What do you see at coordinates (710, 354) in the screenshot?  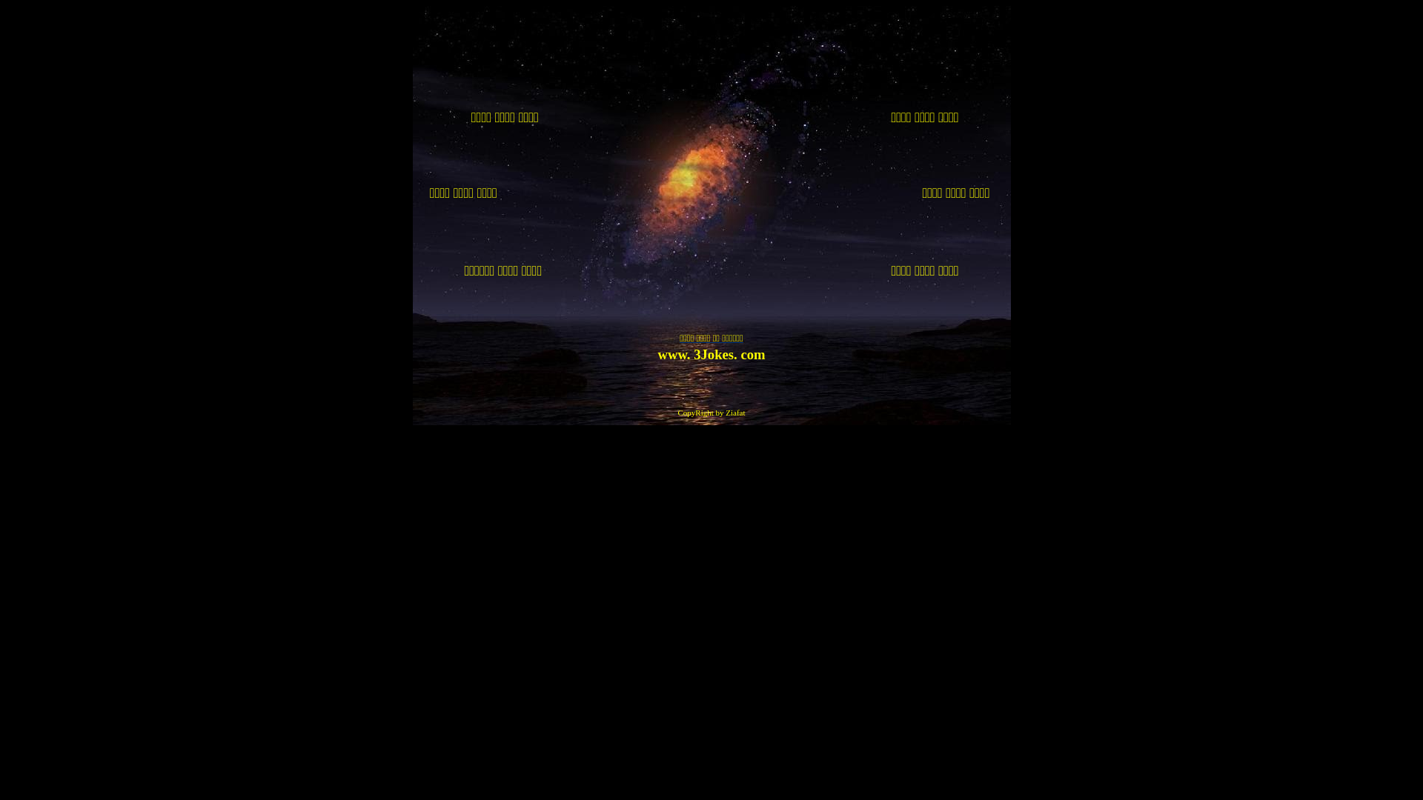 I see `'www. 3Jokes. com'` at bounding box center [710, 354].